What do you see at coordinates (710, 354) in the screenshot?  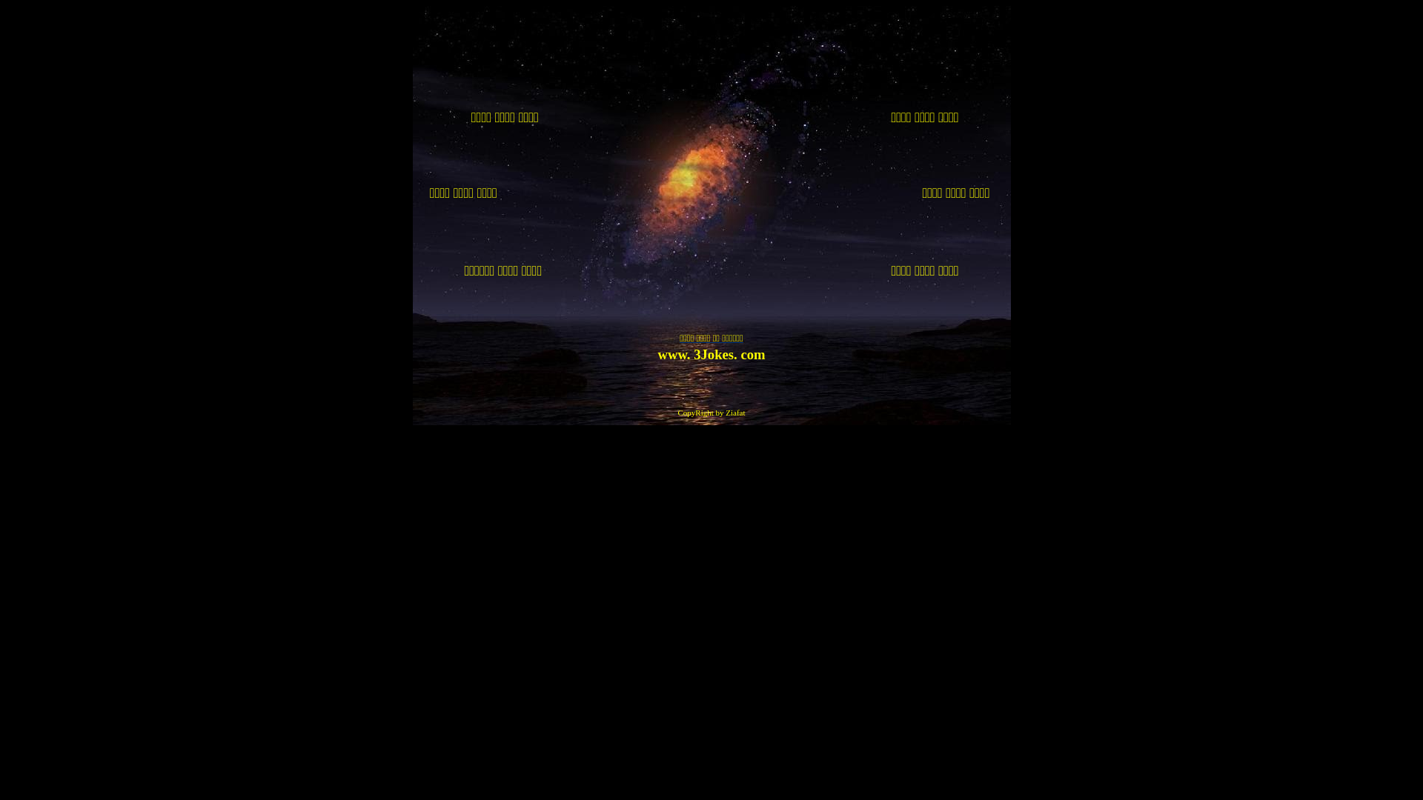 I see `'www. 3Jokes. com'` at bounding box center [710, 354].